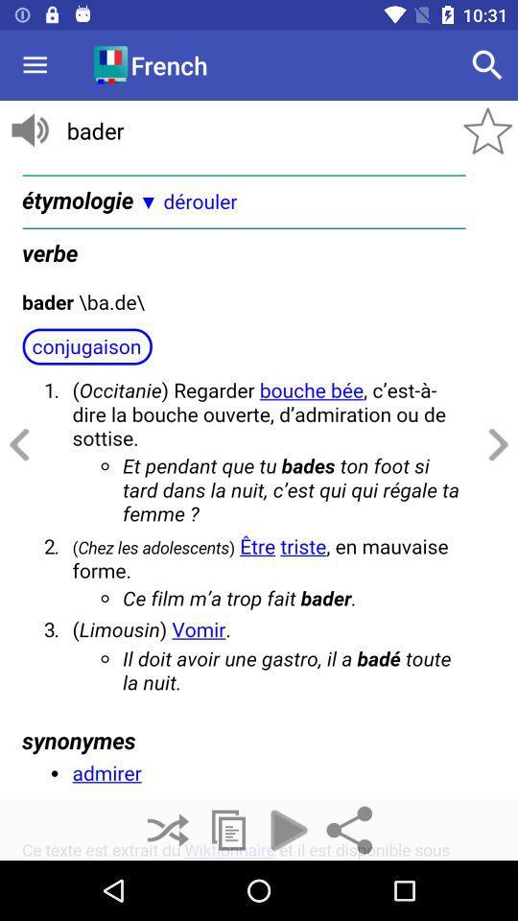  What do you see at coordinates (228, 829) in the screenshot?
I see `note pega` at bounding box center [228, 829].